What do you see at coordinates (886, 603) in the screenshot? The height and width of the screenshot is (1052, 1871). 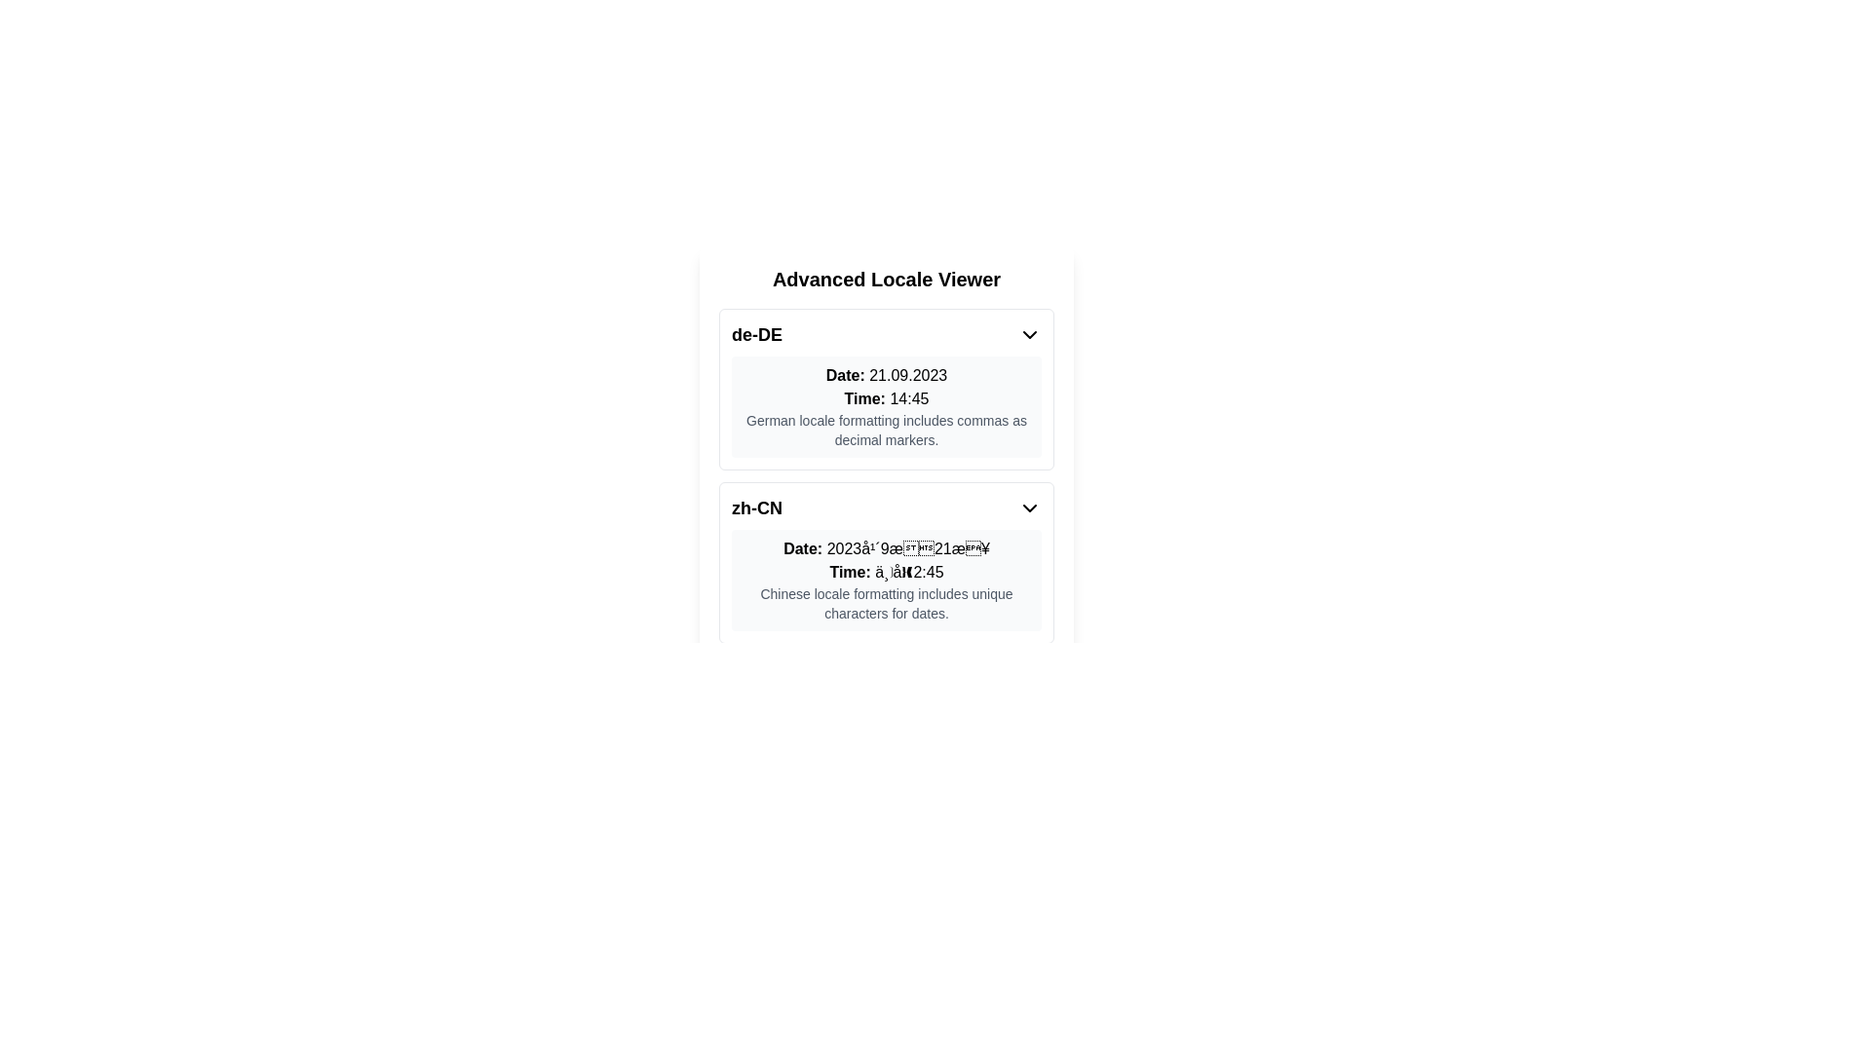 I see `the text element that contains 'Chinese locale formatting includes unique characters for dates.' located under the 'Time:' label in the 'zh-CN' section of the locale viewer` at bounding box center [886, 603].